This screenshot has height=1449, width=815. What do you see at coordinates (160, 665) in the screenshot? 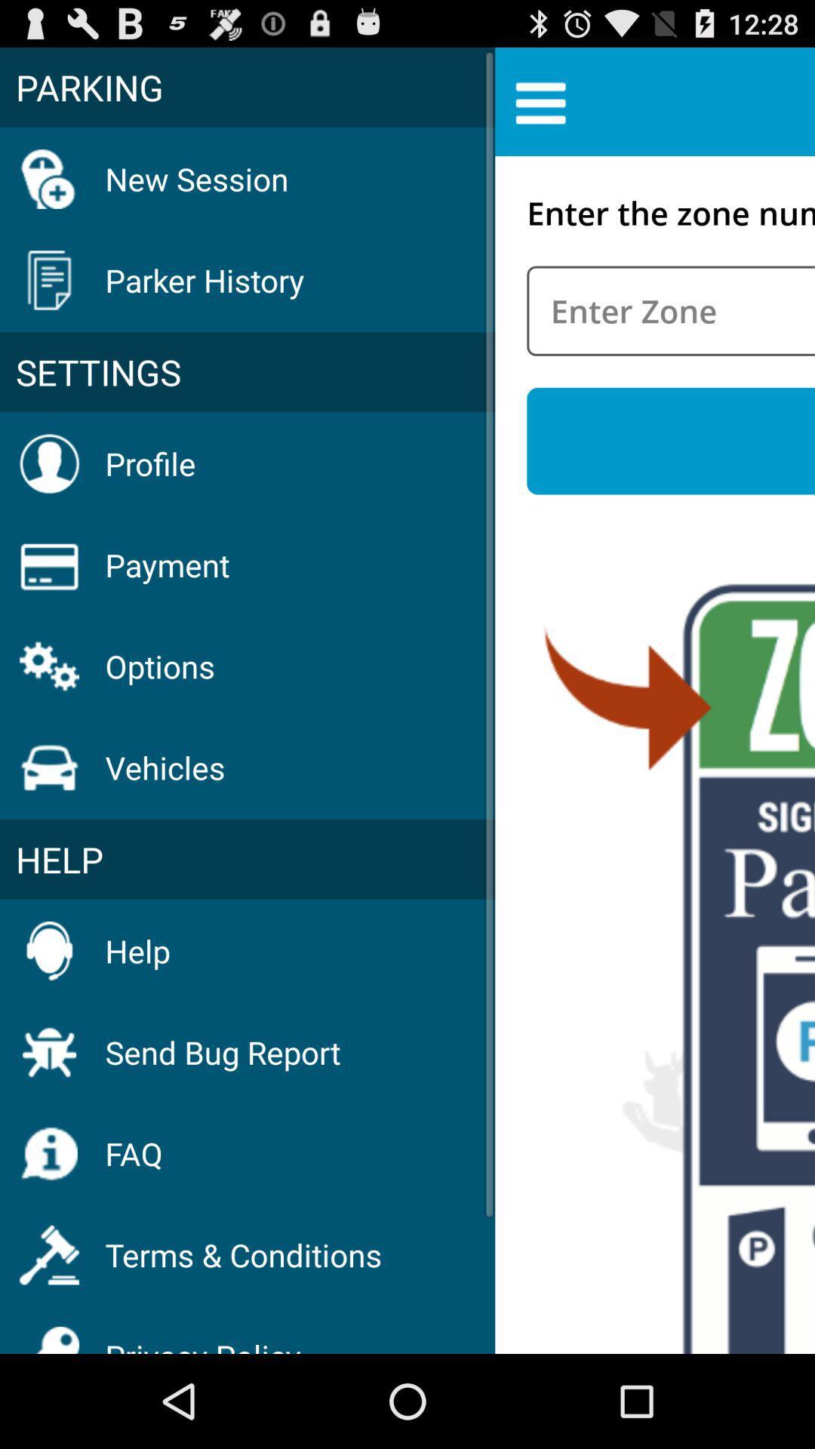
I see `icon below payment` at bounding box center [160, 665].